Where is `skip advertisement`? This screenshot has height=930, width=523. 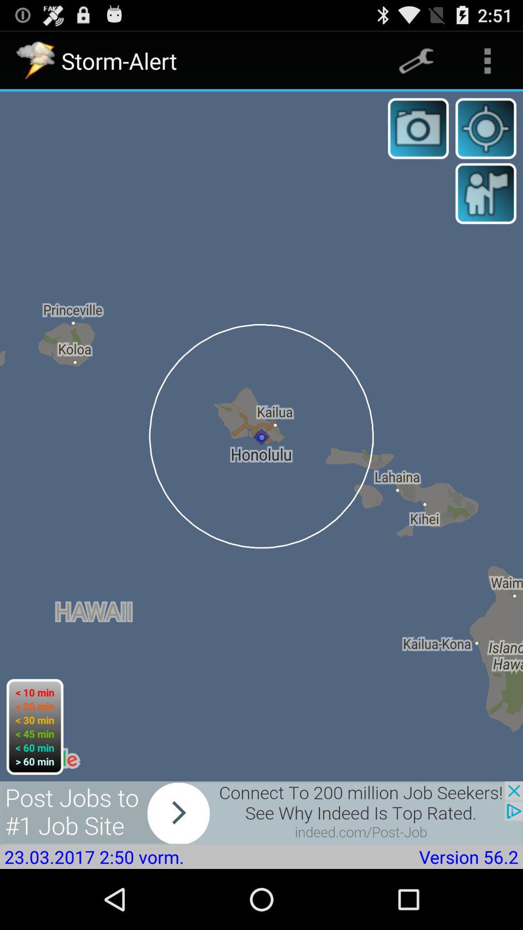
skip advertisement is located at coordinates (261, 813).